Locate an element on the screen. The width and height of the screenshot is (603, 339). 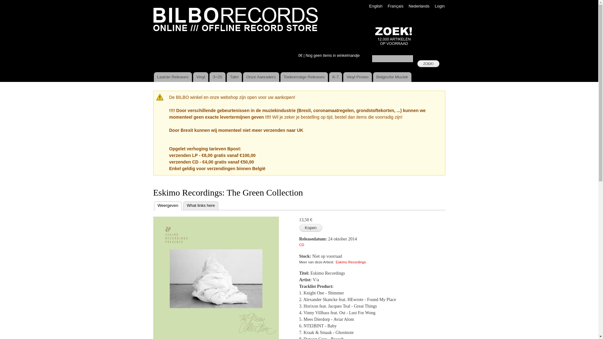
'Kopen' is located at coordinates (310, 228).